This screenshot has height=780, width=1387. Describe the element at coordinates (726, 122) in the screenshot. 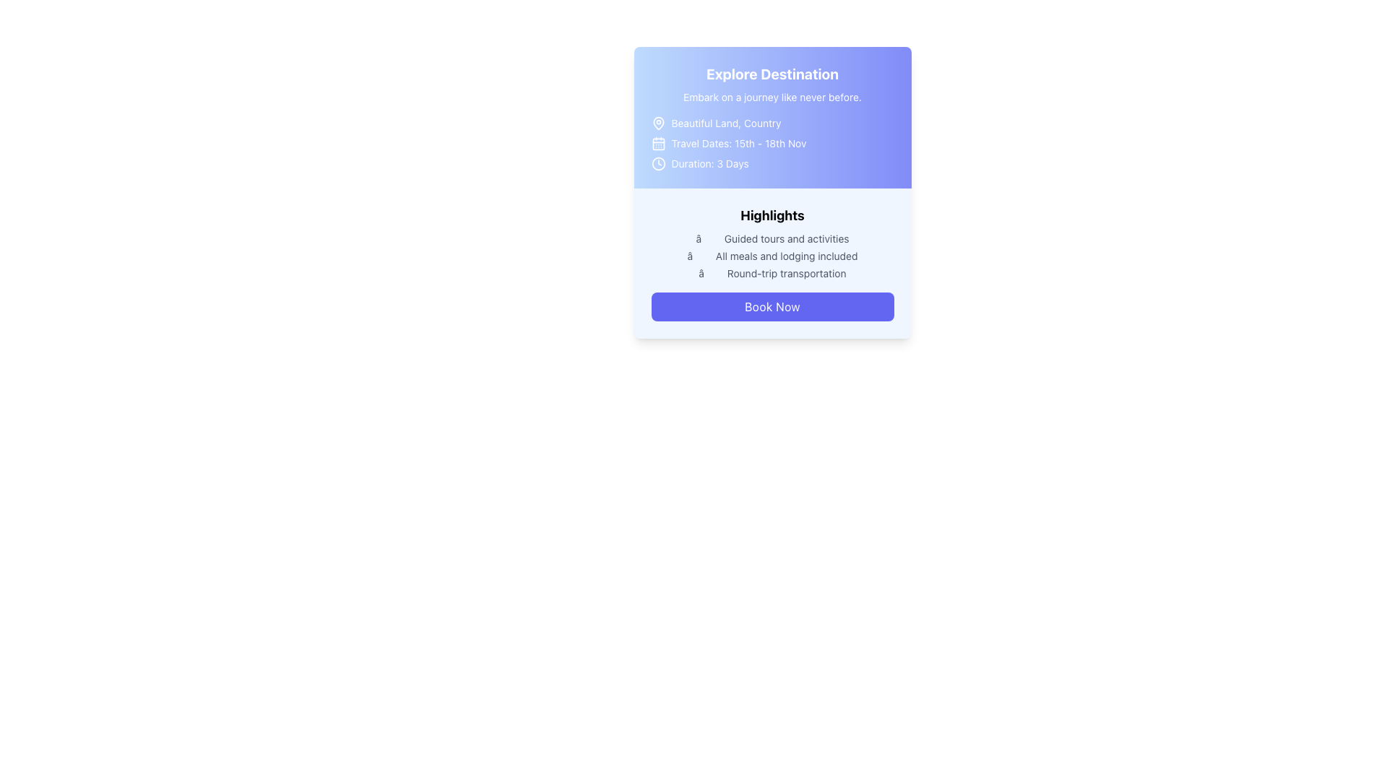

I see `the text label displaying 'Beautiful Land, Country', which is styled with white text on a light blue background and is positioned below the title 'Explore Destination'` at that location.